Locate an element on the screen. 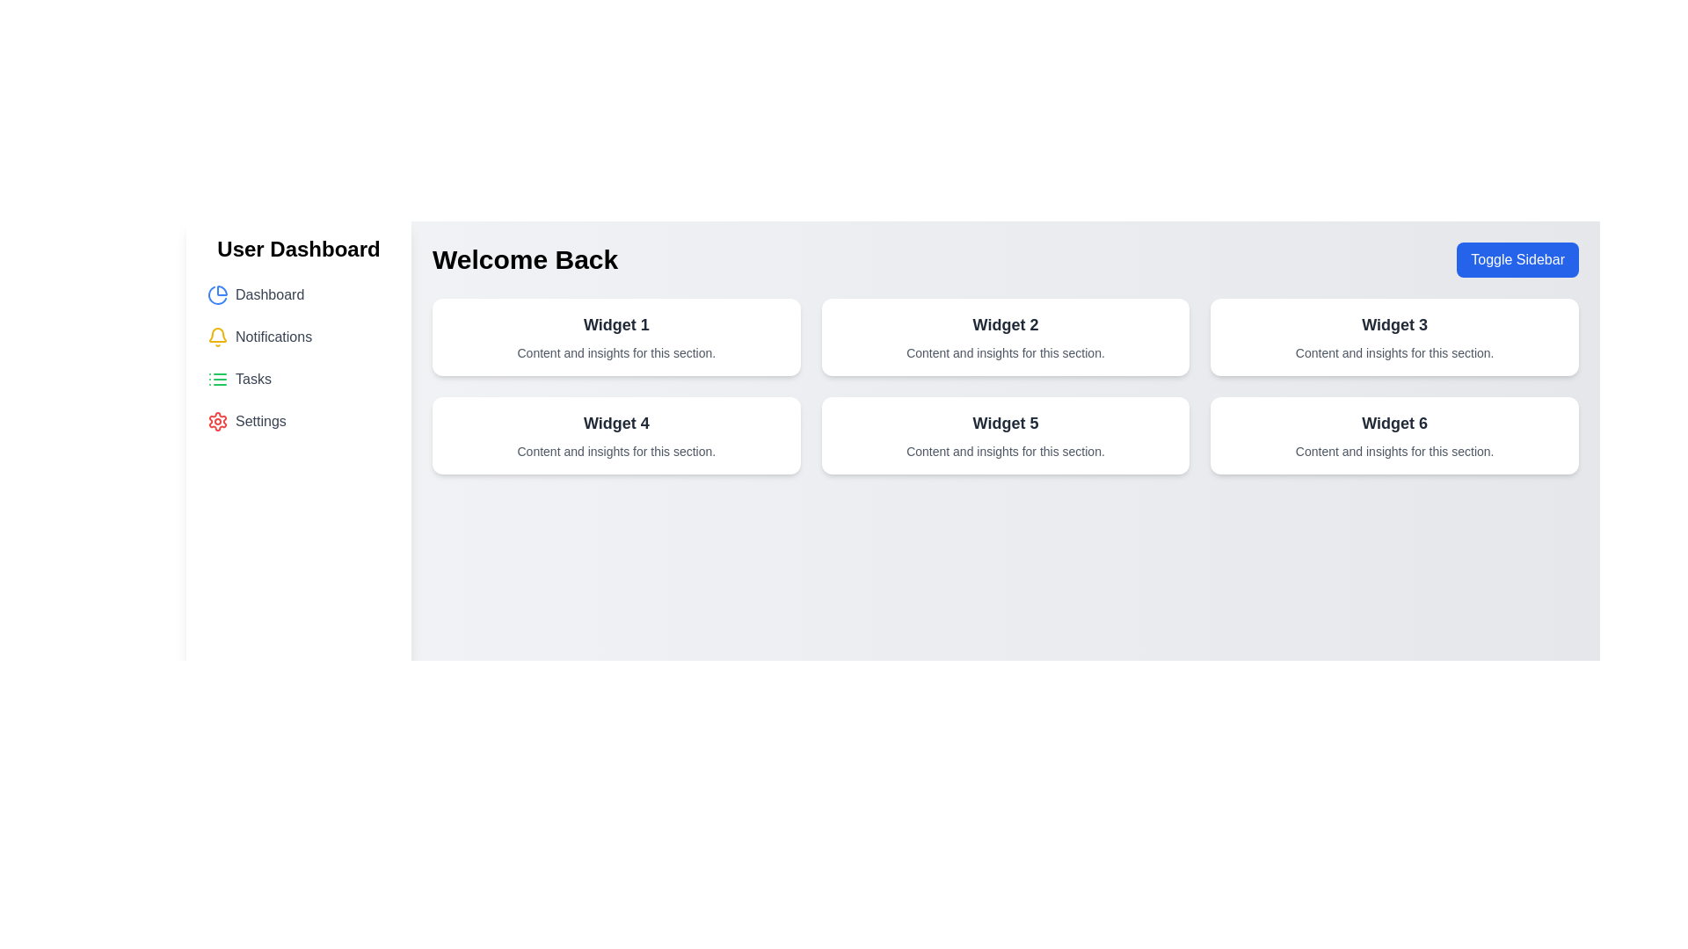 The width and height of the screenshot is (1688, 949). small, gray text label that says 'Content and insights for this section.' located within the widget card beneath the bold title 'Widget 5' is located at coordinates (1005, 450).